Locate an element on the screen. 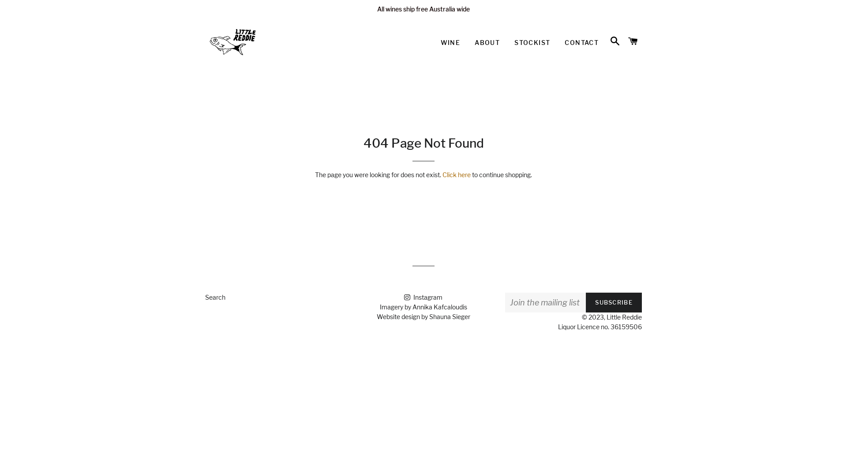  'CART' is located at coordinates (633, 41).